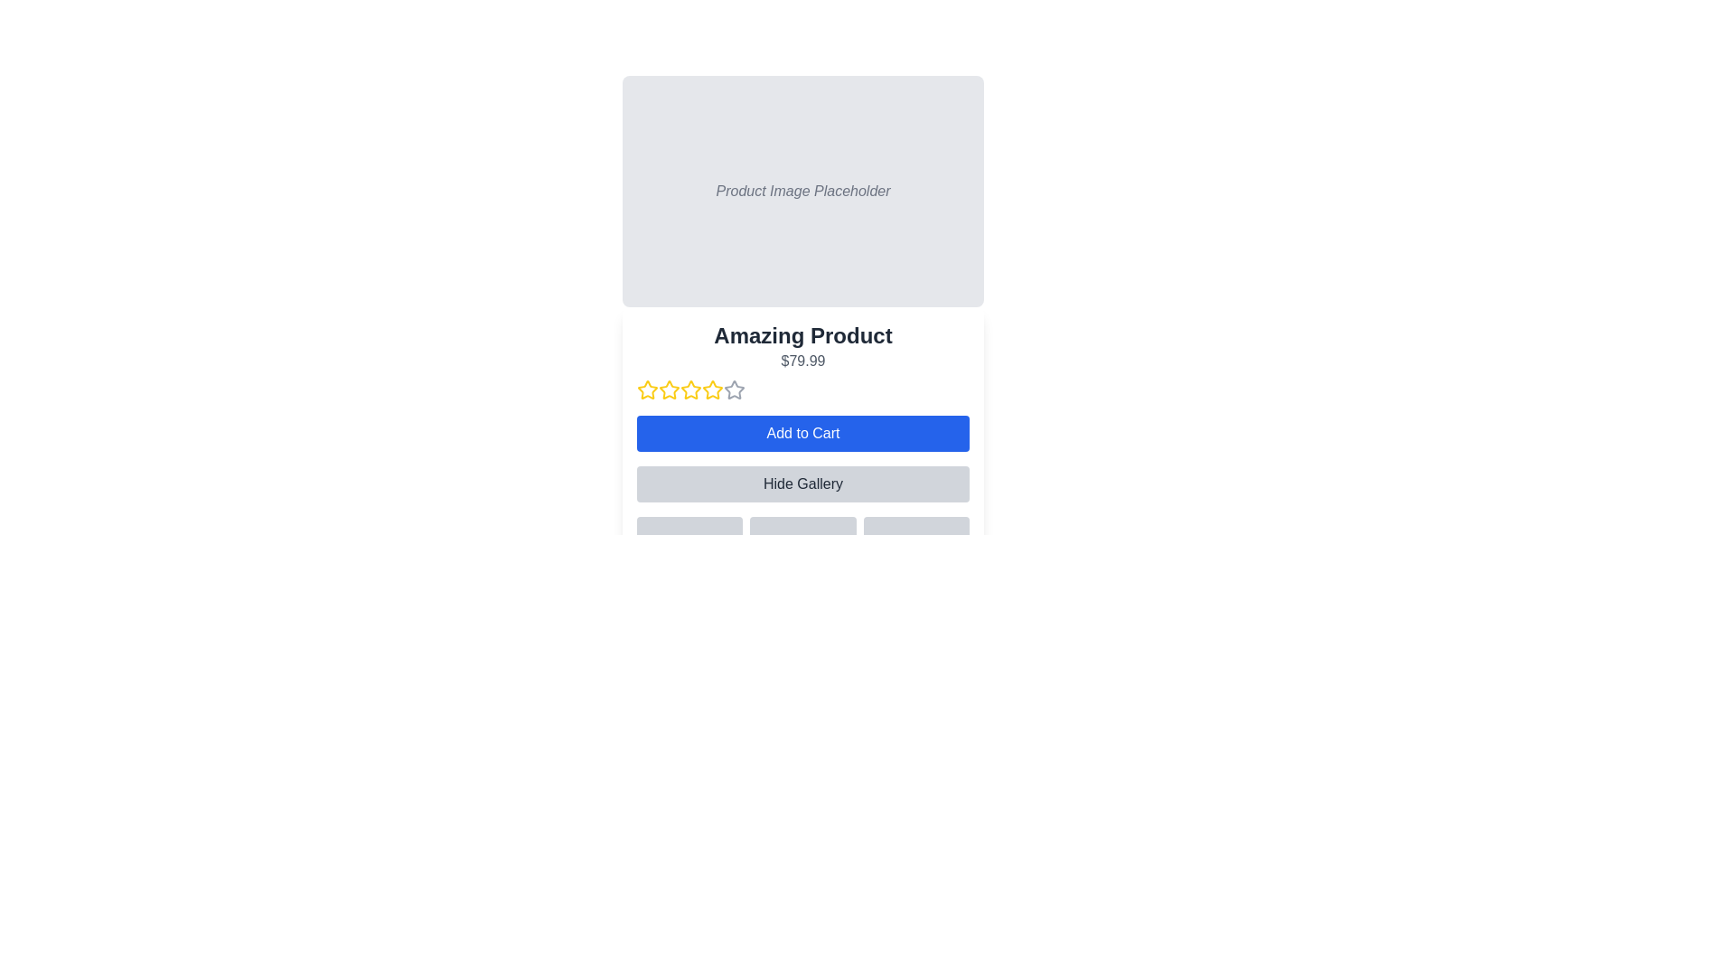  I want to click on the 'Add to Cart' button, which is a rectangular button with white text on a blue background, located below the product's rating stars and price information, so click(802, 433).